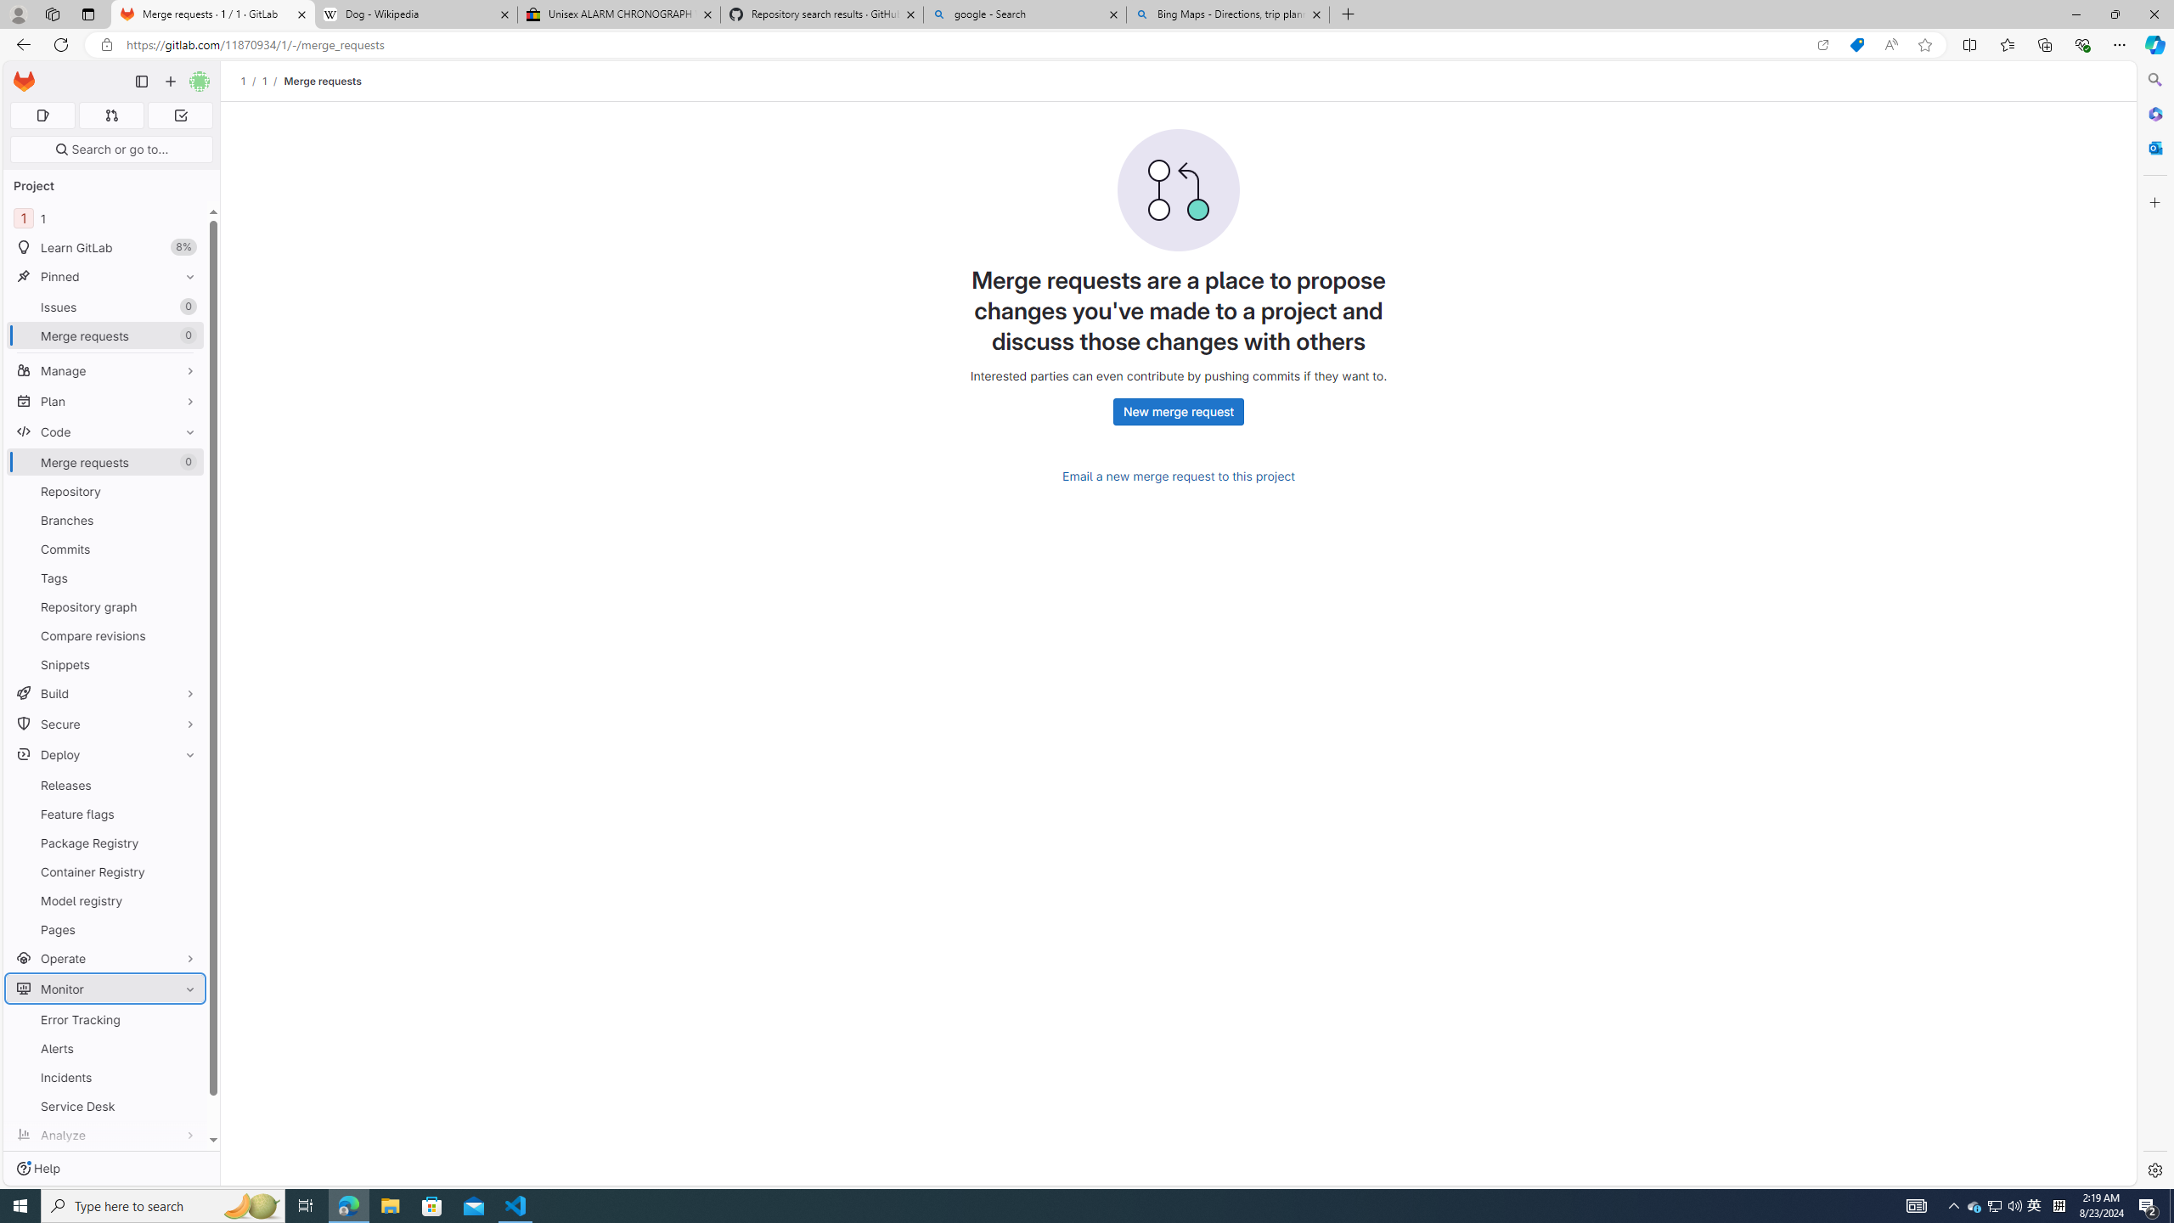 This screenshot has width=2174, height=1223. What do you see at coordinates (104, 957) in the screenshot?
I see `'Operate'` at bounding box center [104, 957].